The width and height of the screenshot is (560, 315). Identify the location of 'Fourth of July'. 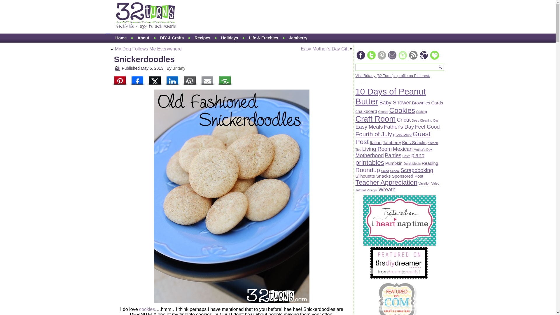
(374, 134).